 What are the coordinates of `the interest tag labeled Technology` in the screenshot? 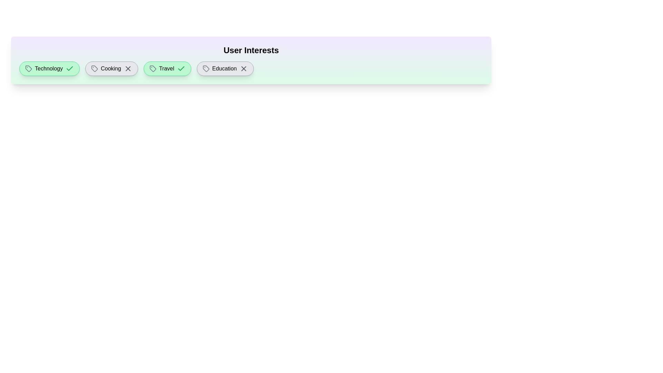 It's located at (49, 69).